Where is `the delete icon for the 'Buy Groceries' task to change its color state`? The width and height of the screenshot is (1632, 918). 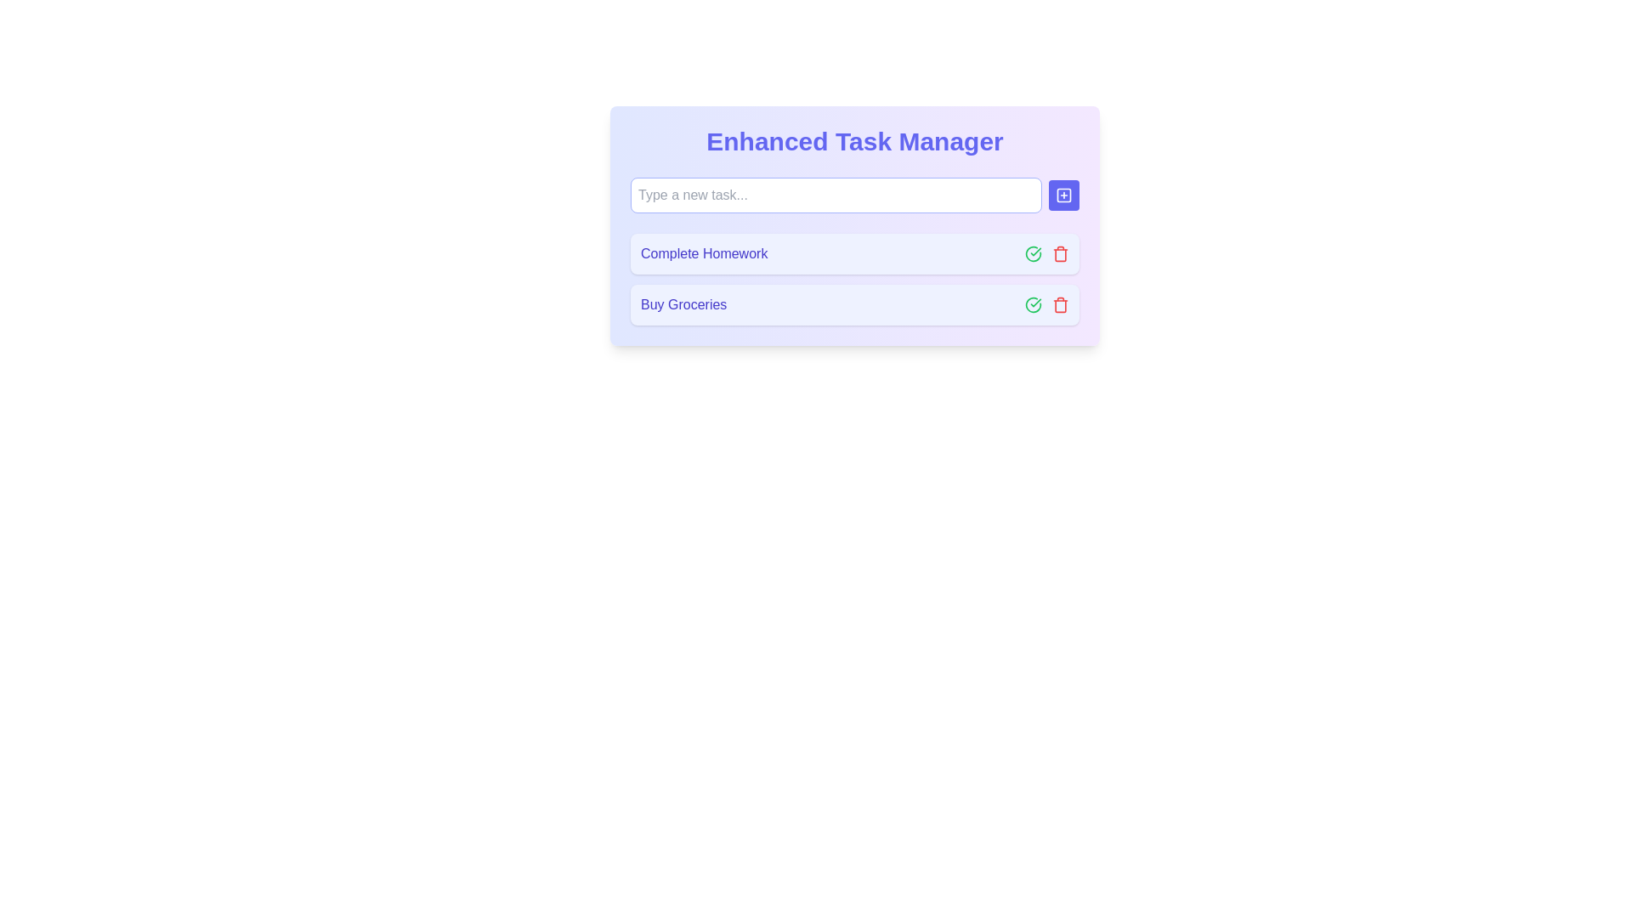 the delete icon for the 'Buy Groceries' task to change its color state is located at coordinates (1060, 303).